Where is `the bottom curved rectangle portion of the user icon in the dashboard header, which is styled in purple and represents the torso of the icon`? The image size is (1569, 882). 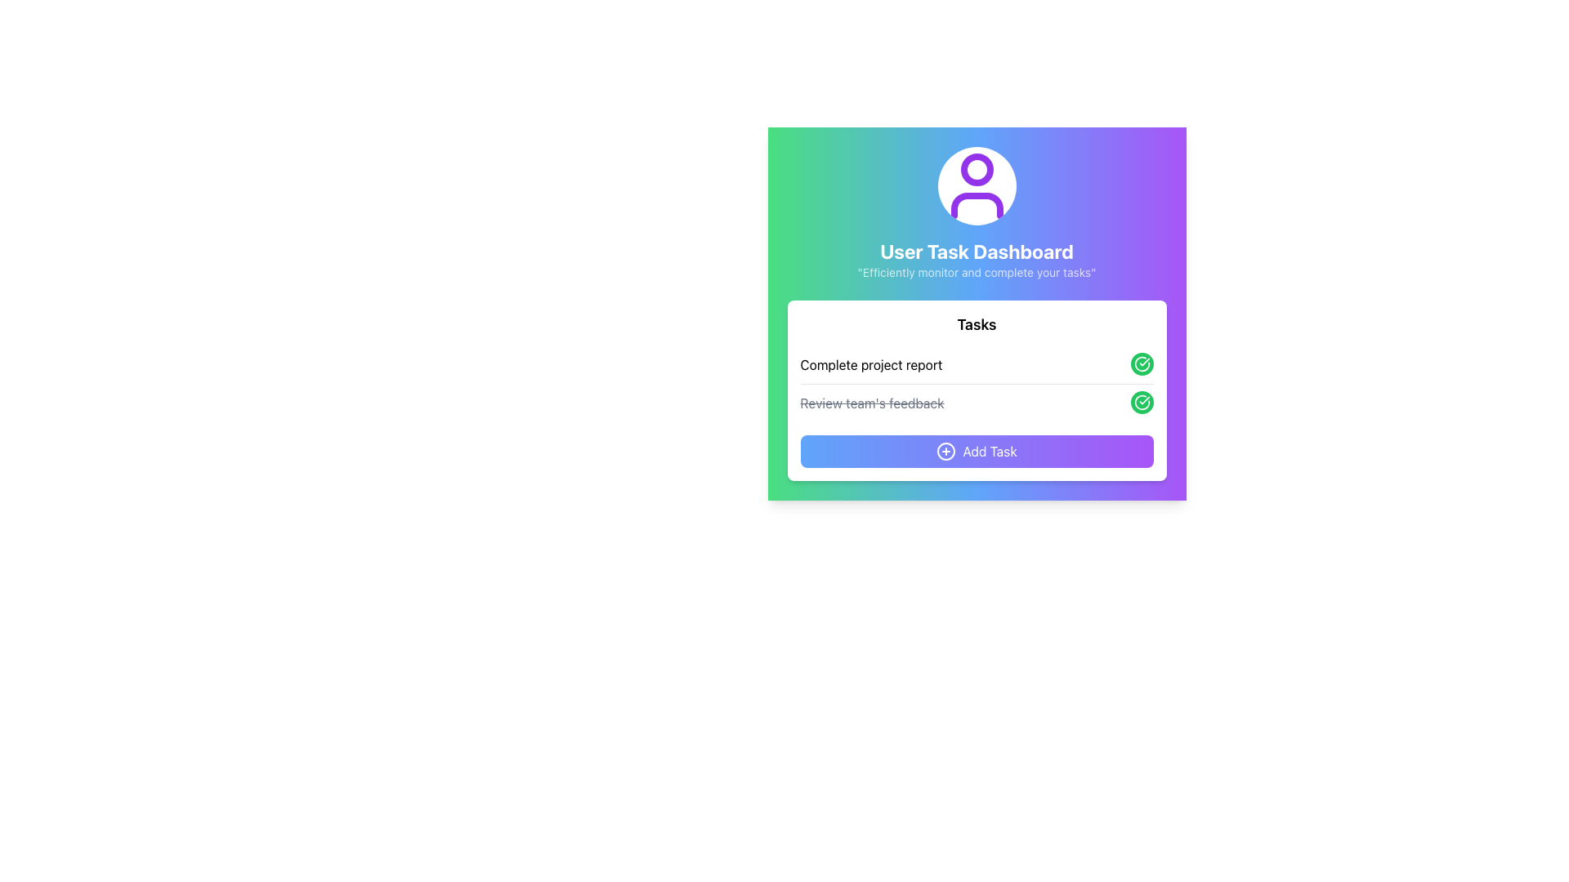 the bottom curved rectangle portion of the user icon in the dashboard header, which is styled in purple and represents the torso of the icon is located at coordinates (977, 204).